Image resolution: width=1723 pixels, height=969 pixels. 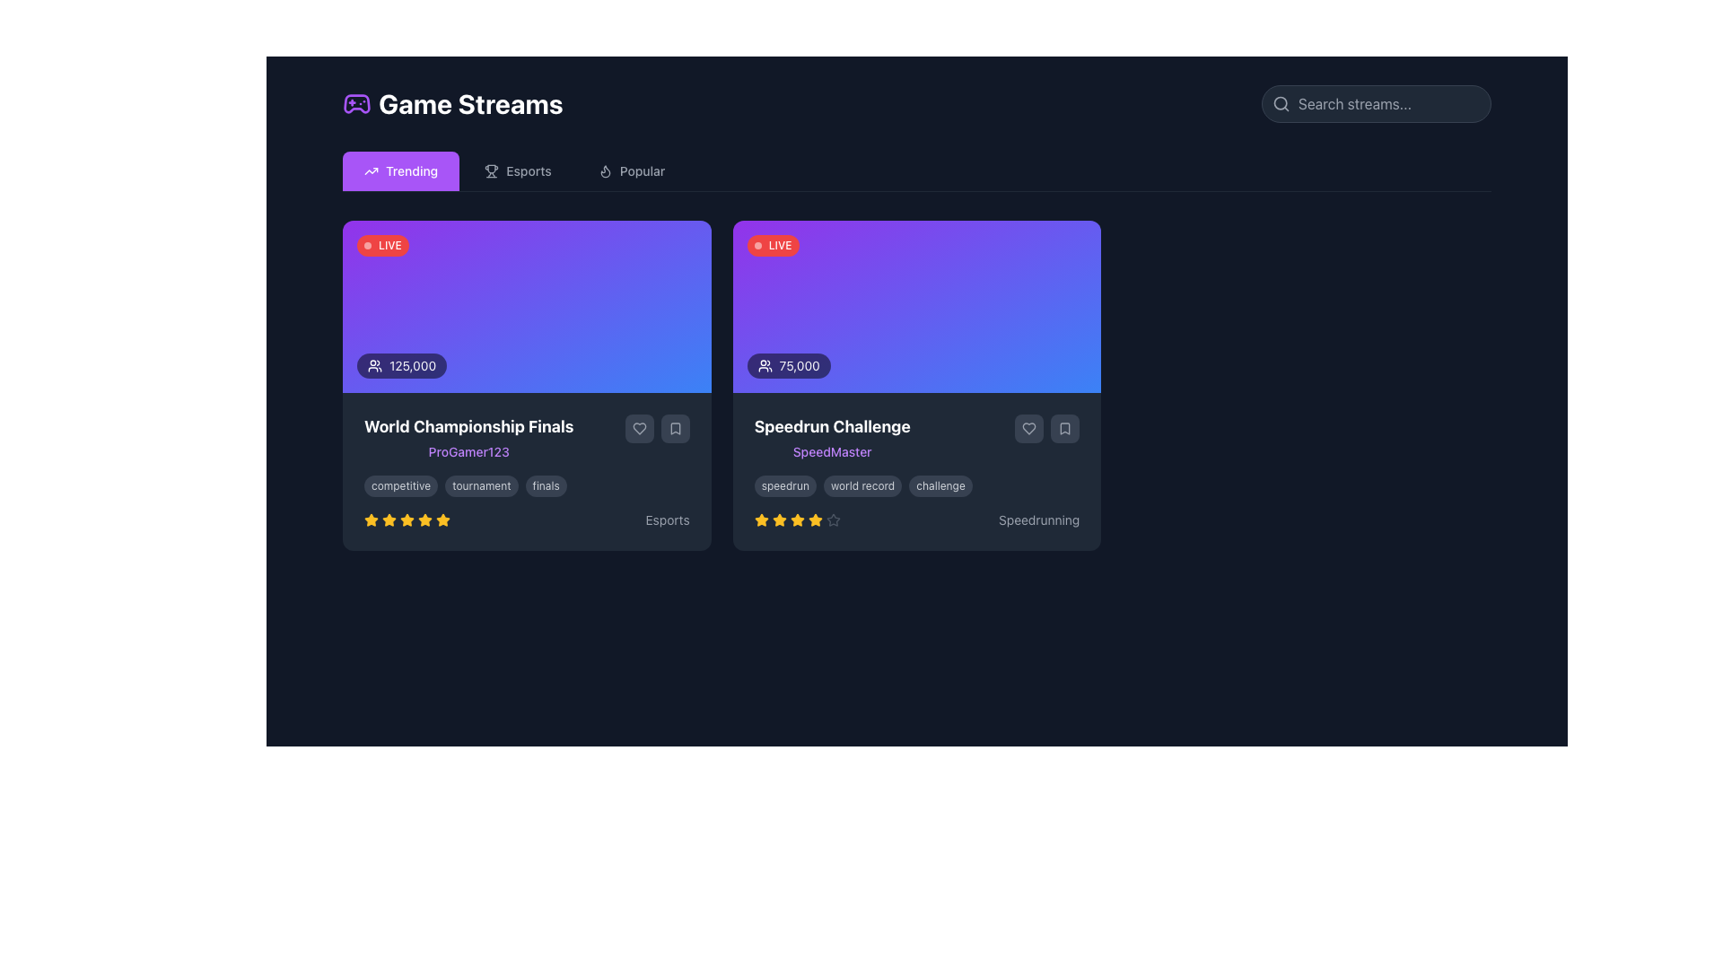 What do you see at coordinates (639, 429) in the screenshot?
I see `the heart-shaped icon with a hollow center located in the bottom-right corner of the 'World Championship Finals' game stream card to 'like' or 'favorite' the stream` at bounding box center [639, 429].